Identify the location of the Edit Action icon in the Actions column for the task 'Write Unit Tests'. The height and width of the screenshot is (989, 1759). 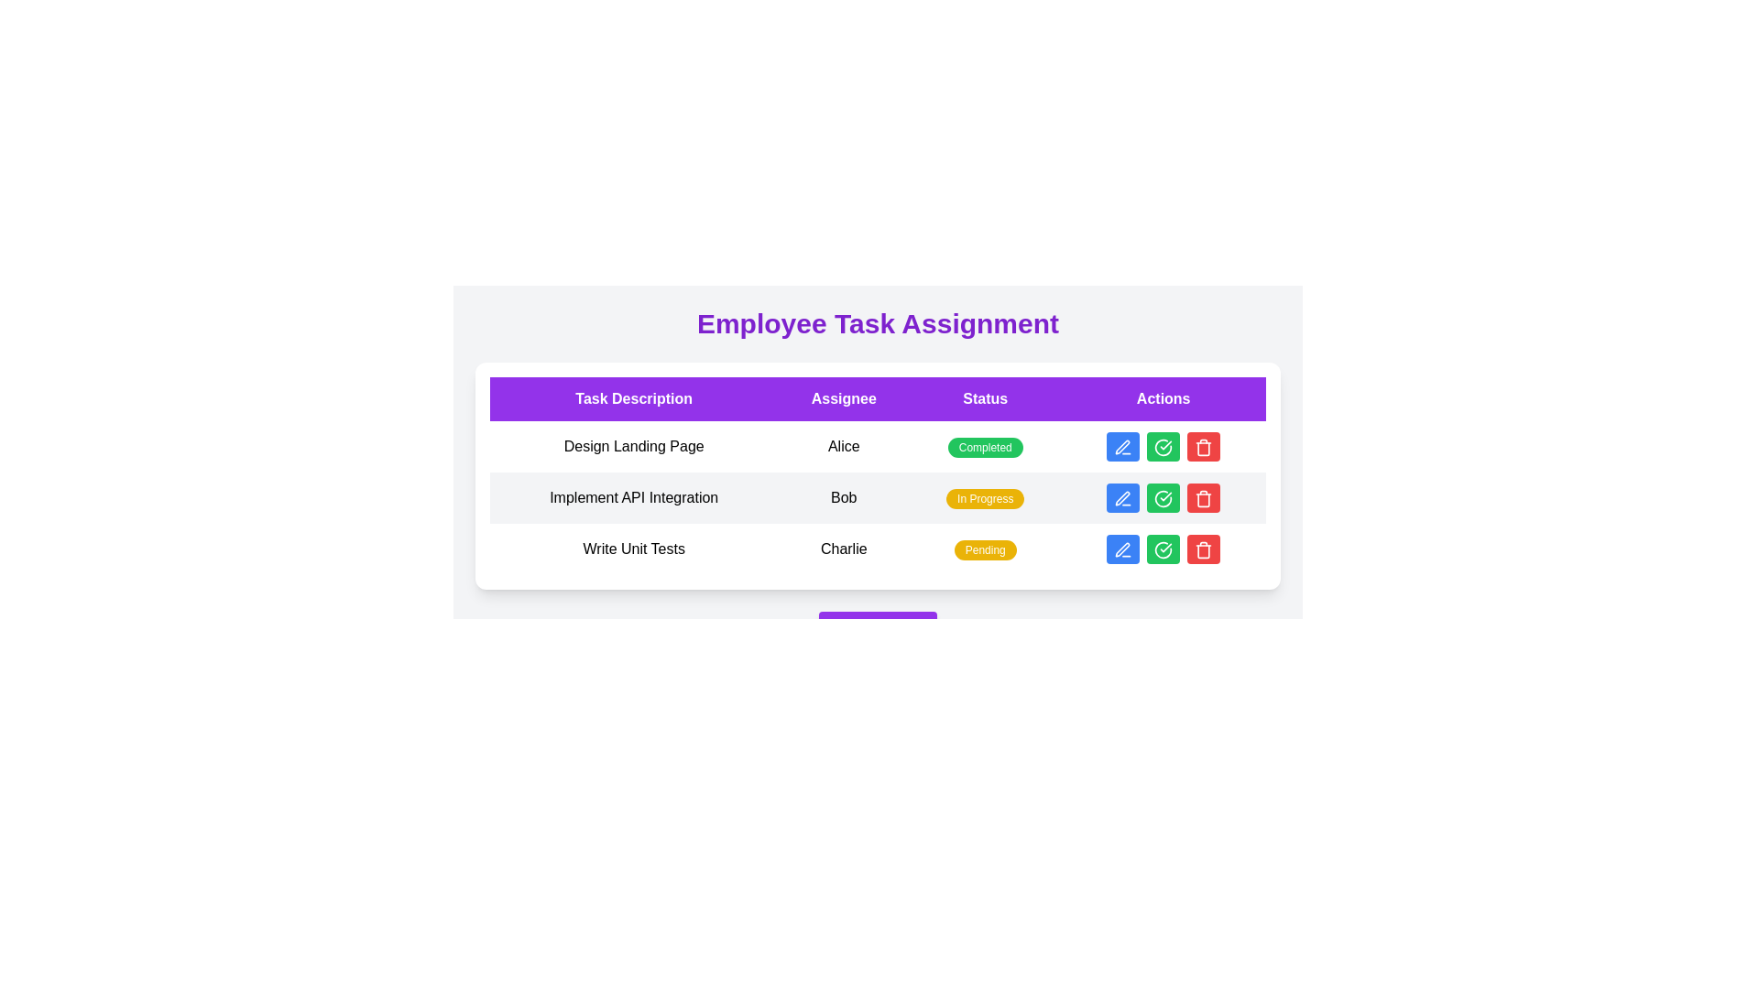
(1121, 549).